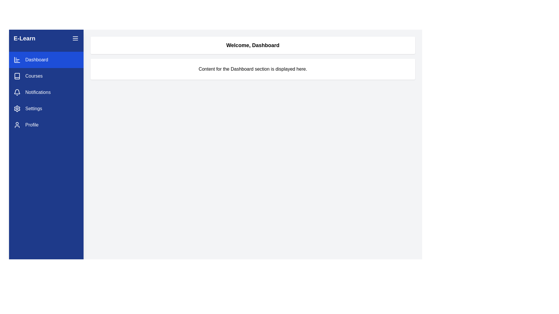 Image resolution: width=559 pixels, height=314 pixels. I want to click on the text label that states 'Content for the Dashboard section is displayed here.', which is centrally located below the header 'Welcome, Dashboard', so click(253, 69).